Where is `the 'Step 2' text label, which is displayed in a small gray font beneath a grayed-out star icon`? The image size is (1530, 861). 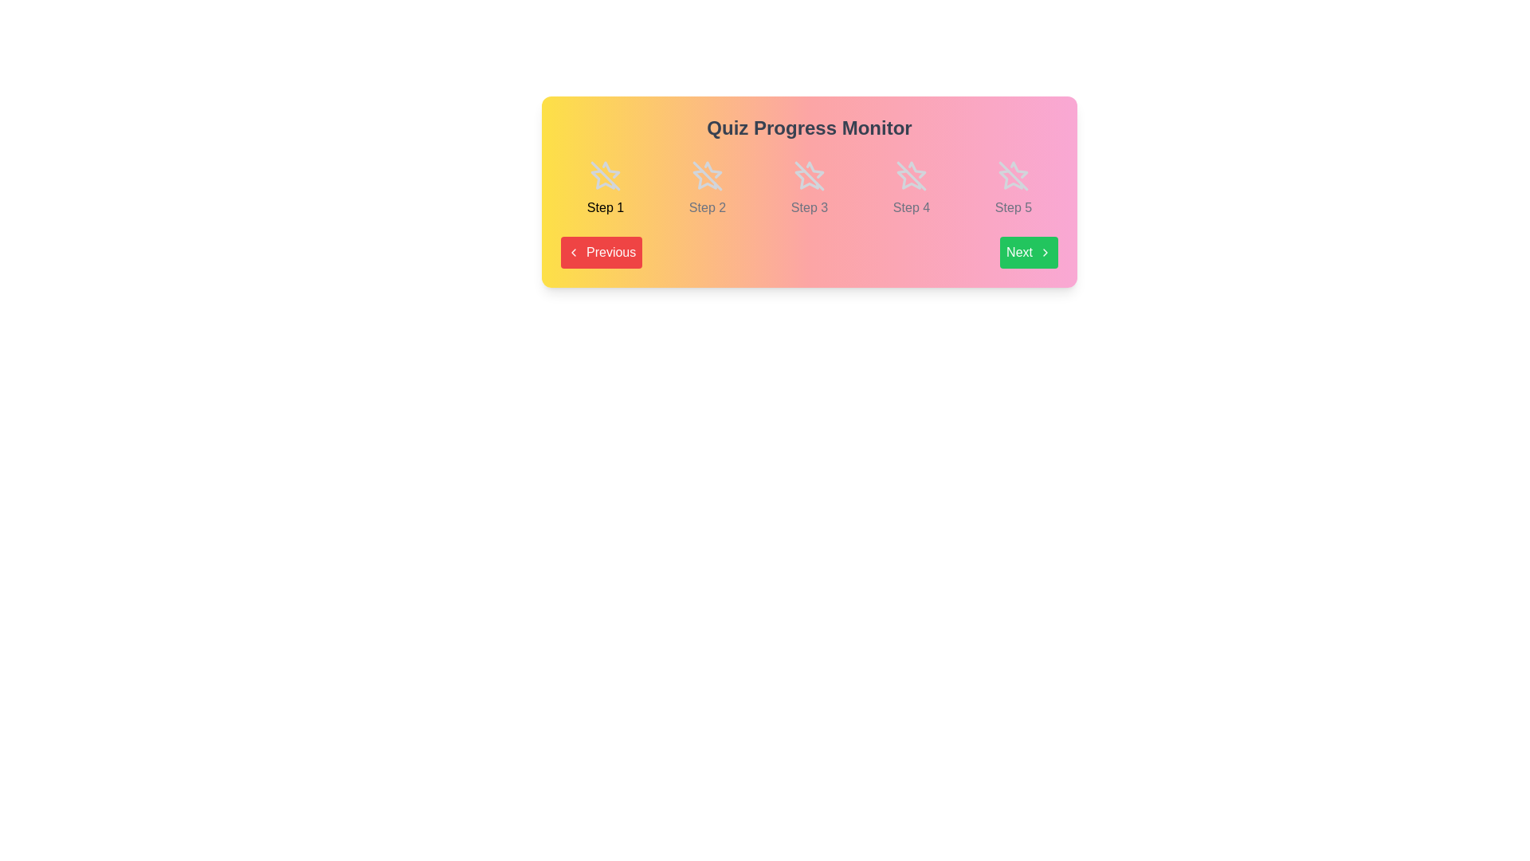 the 'Step 2' text label, which is displayed in a small gray font beneath a grayed-out star icon is located at coordinates (707, 207).